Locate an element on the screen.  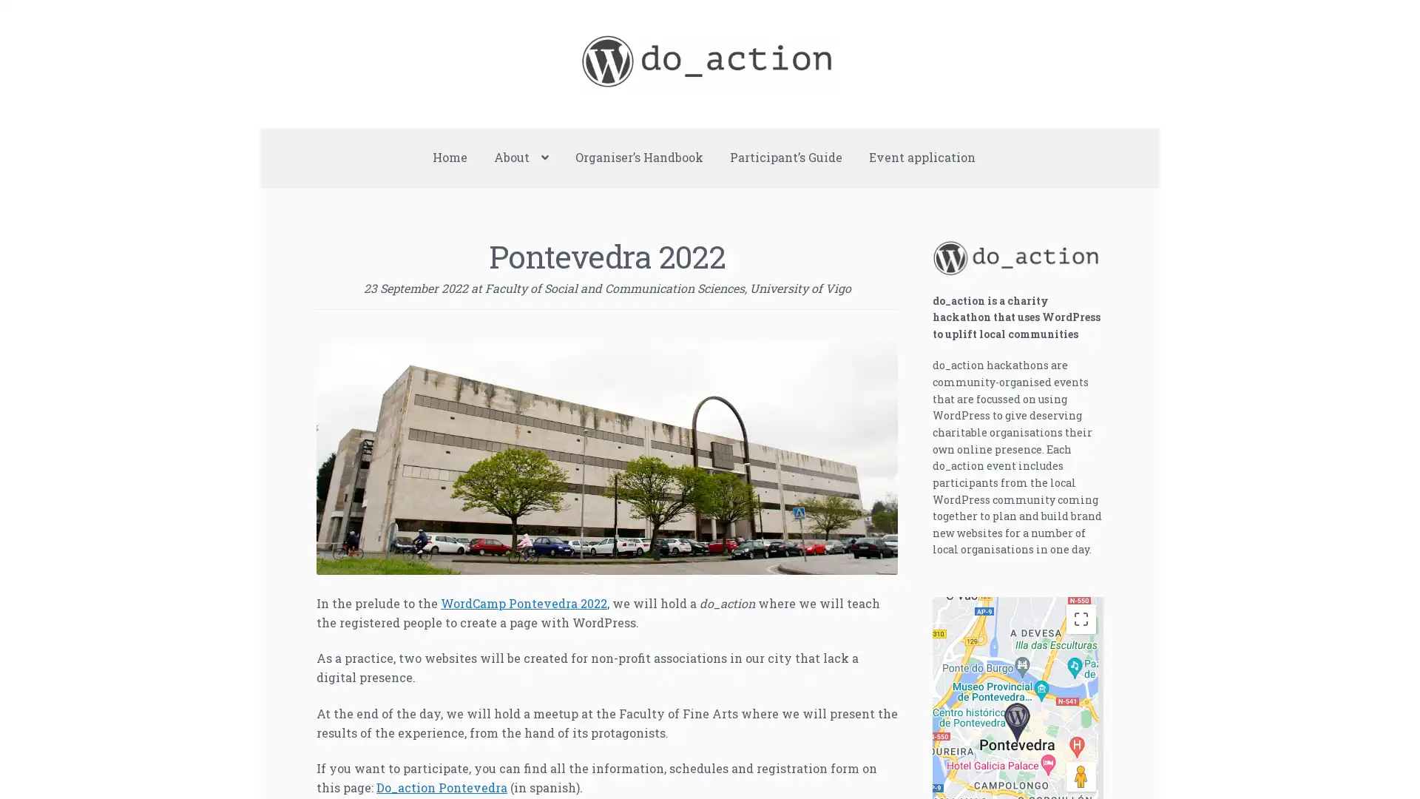
Pontevedra 2022 is located at coordinates (1016, 722).